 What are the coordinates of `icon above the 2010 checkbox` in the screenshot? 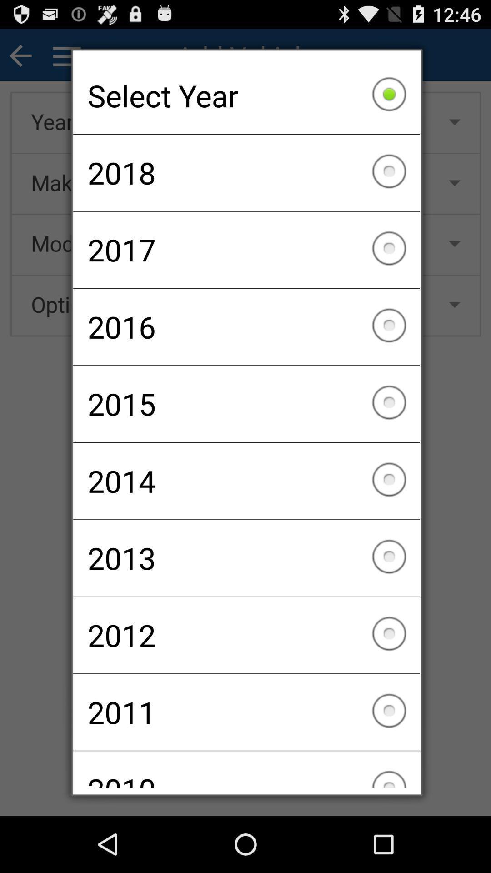 It's located at (246, 712).